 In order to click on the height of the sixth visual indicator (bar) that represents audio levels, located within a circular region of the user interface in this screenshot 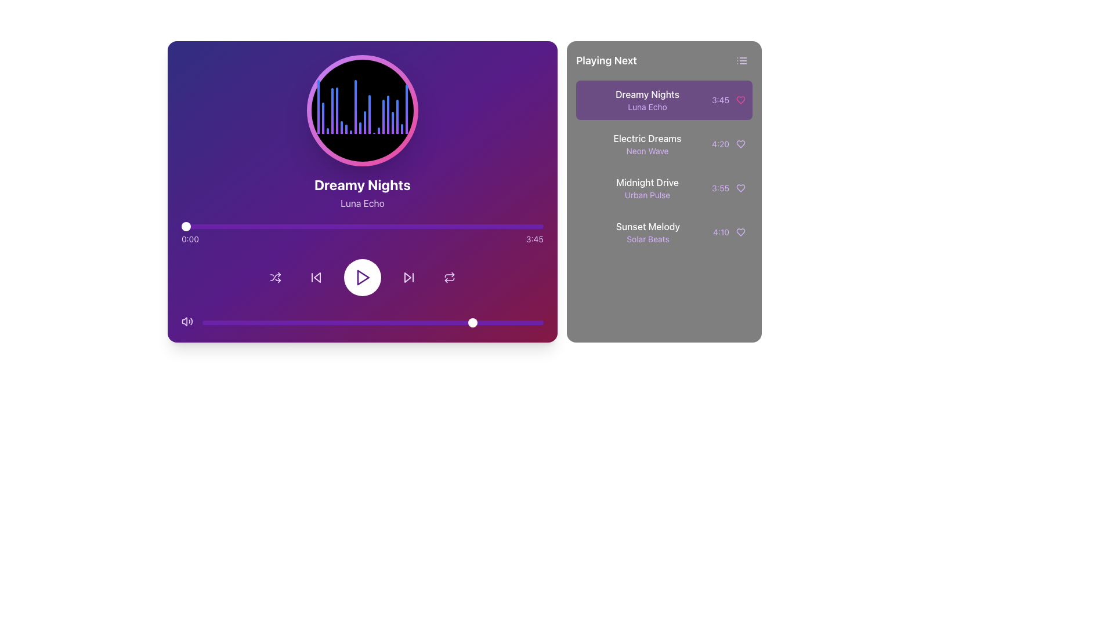, I will do `click(341, 128)`.